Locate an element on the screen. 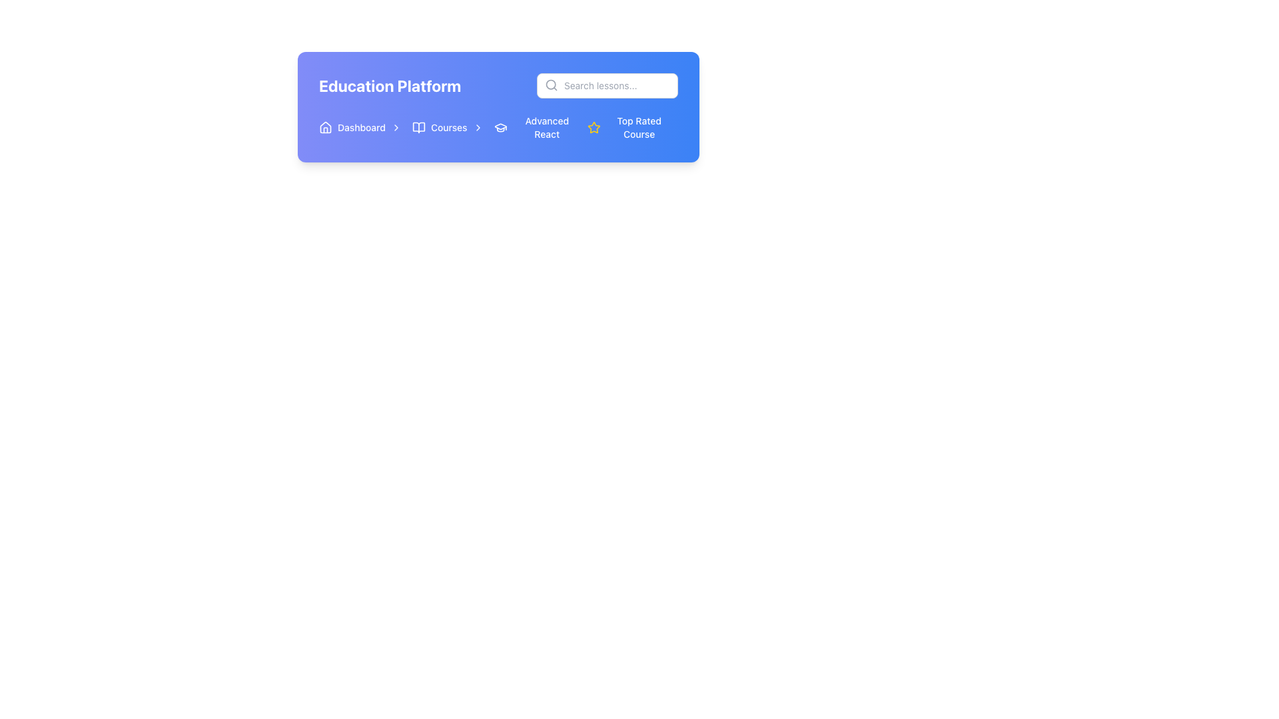 The height and width of the screenshot is (719, 1279). the 'Courses' navigation link in the breadcrumb trail is located at coordinates (448, 128).